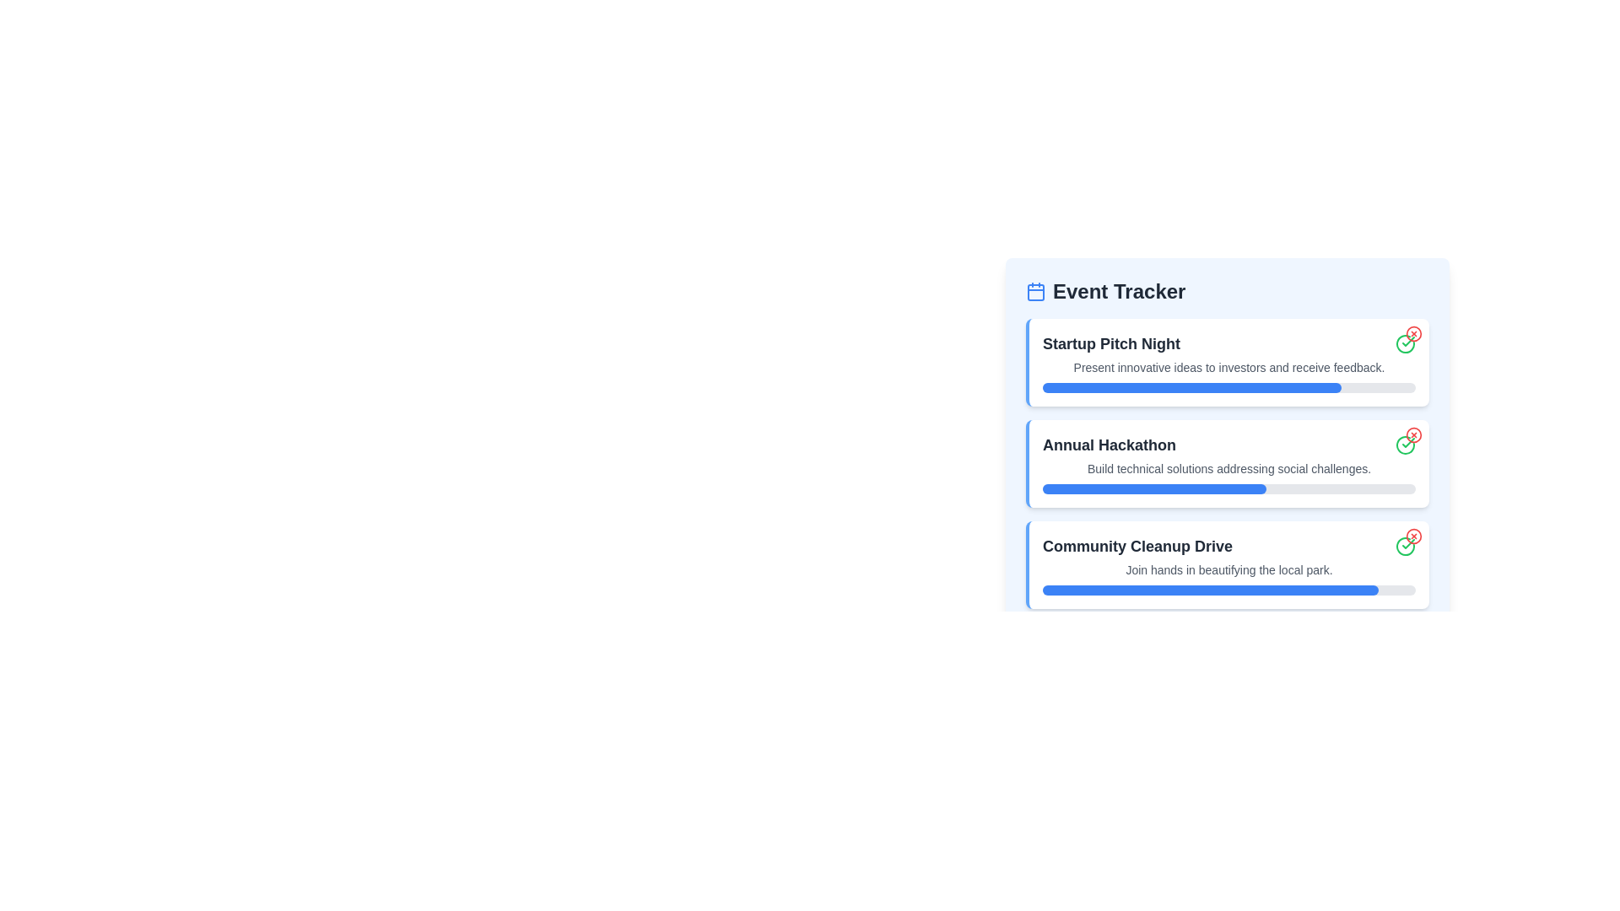  I want to click on the green checkmark icon button located to the right of the 'Annual Hackathon' text, so click(1405, 445).